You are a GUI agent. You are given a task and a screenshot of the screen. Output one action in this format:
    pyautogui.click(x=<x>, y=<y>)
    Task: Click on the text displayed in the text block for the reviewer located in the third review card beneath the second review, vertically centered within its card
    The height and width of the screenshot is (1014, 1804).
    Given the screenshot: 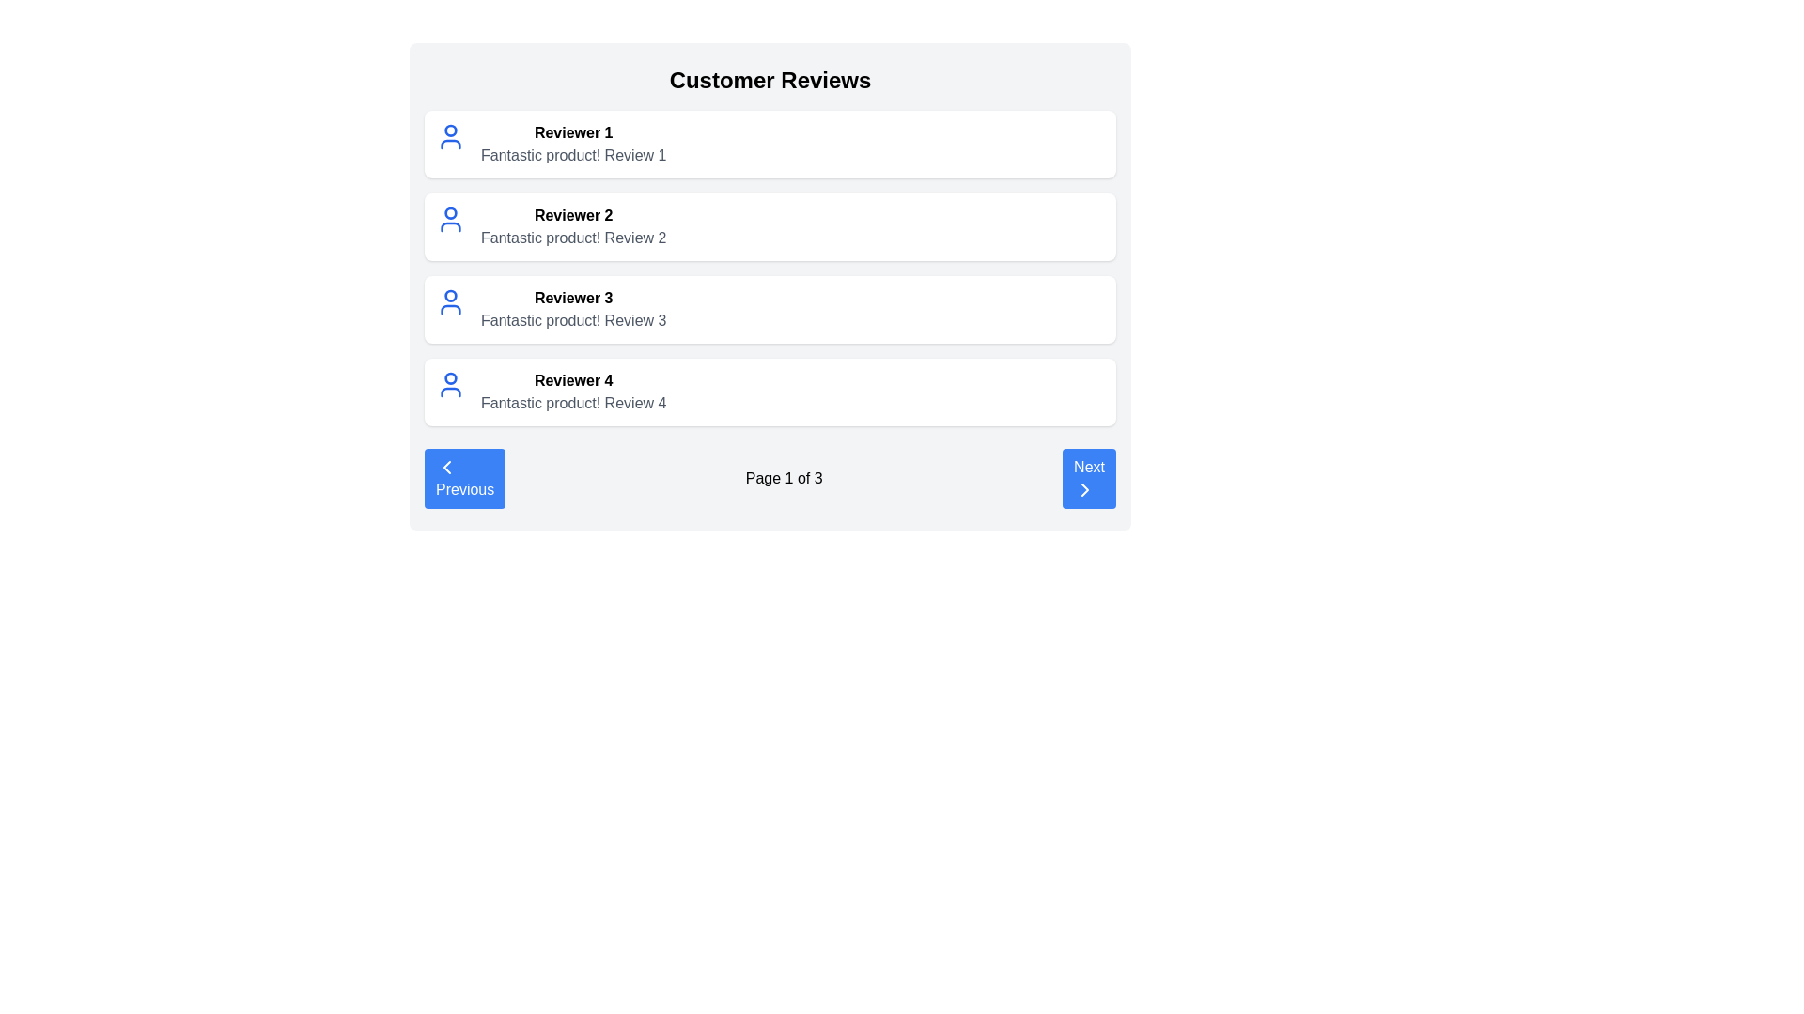 What is the action you would take?
    pyautogui.click(x=572, y=309)
    